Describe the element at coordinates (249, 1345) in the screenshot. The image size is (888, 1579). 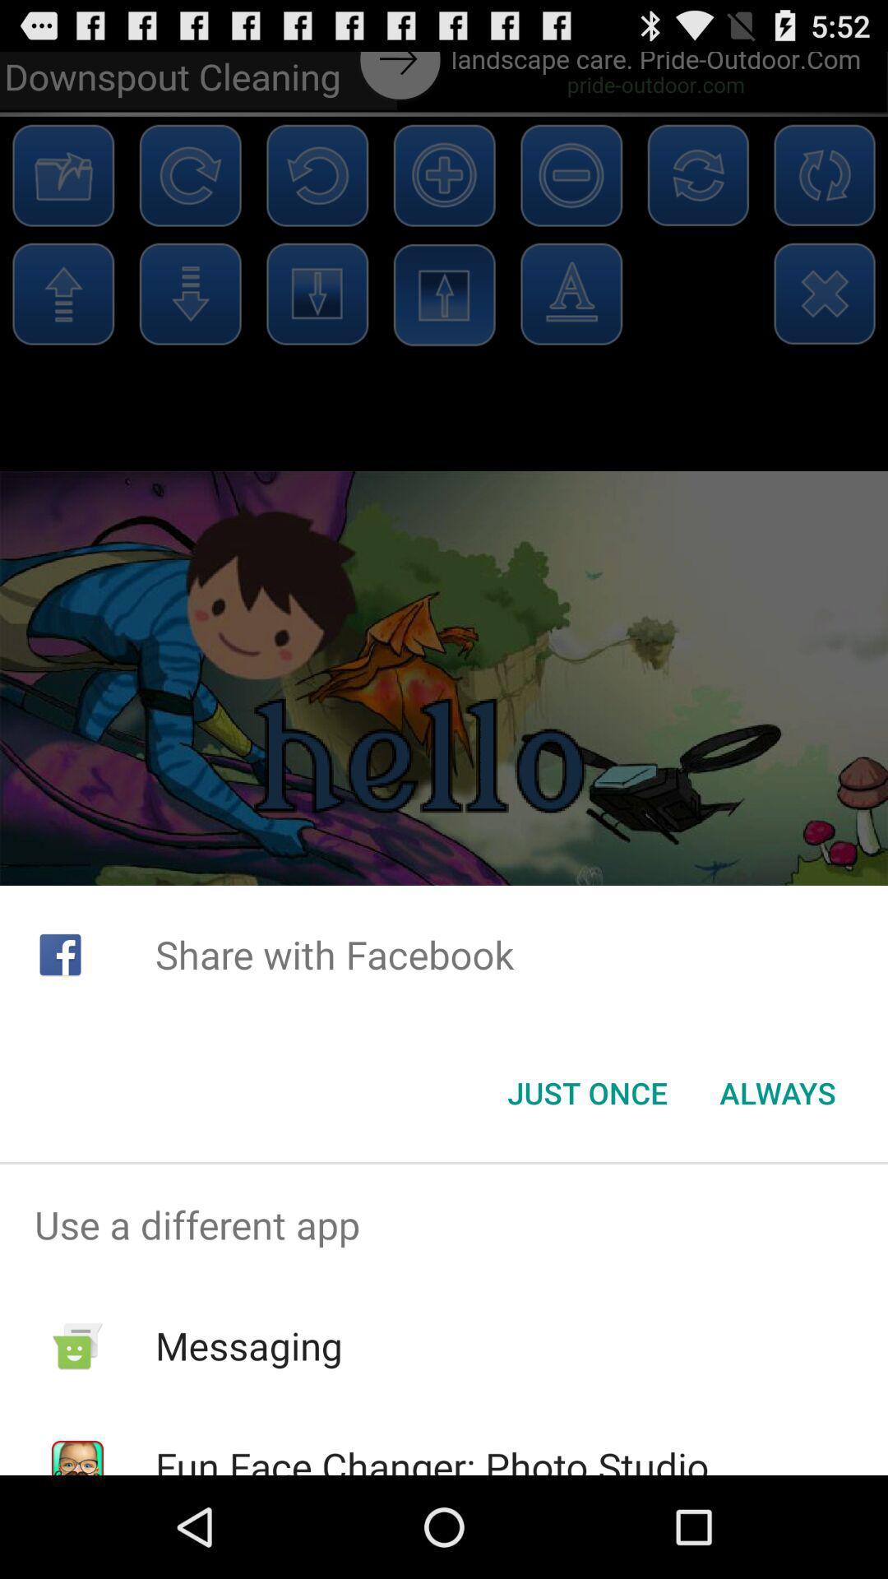
I see `the app above fun face changer item` at that location.